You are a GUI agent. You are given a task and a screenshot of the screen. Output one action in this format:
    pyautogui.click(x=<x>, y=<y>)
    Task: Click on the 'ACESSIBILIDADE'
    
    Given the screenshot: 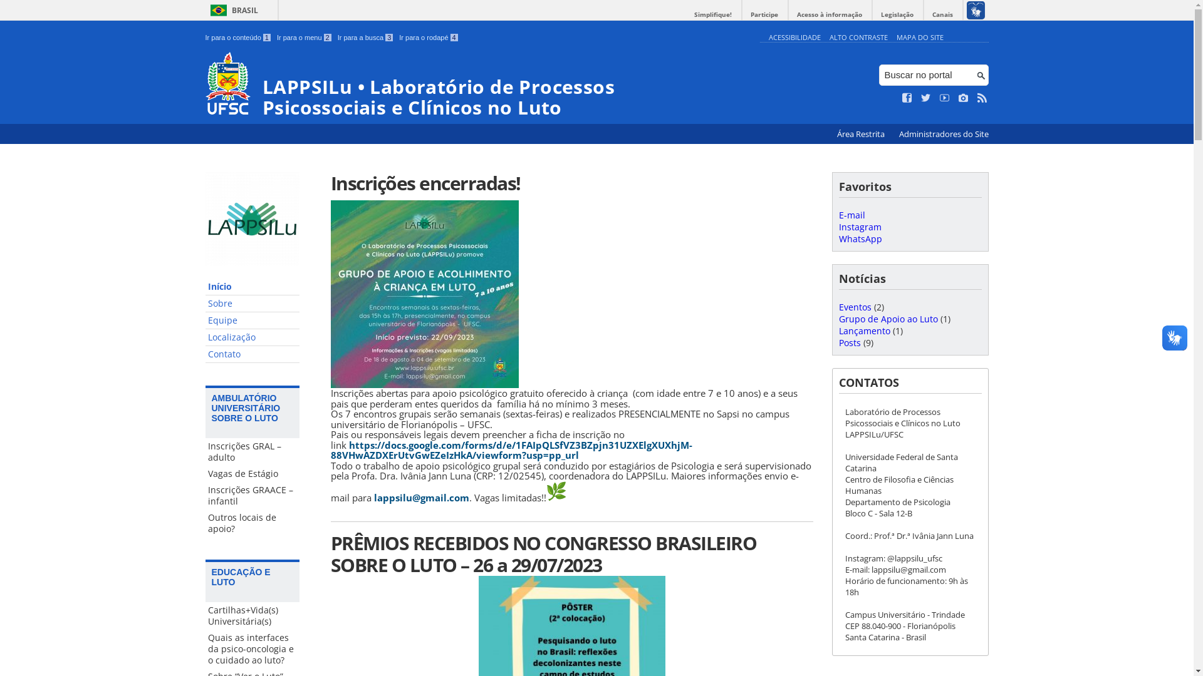 What is the action you would take?
    pyautogui.click(x=793, y=36)
    